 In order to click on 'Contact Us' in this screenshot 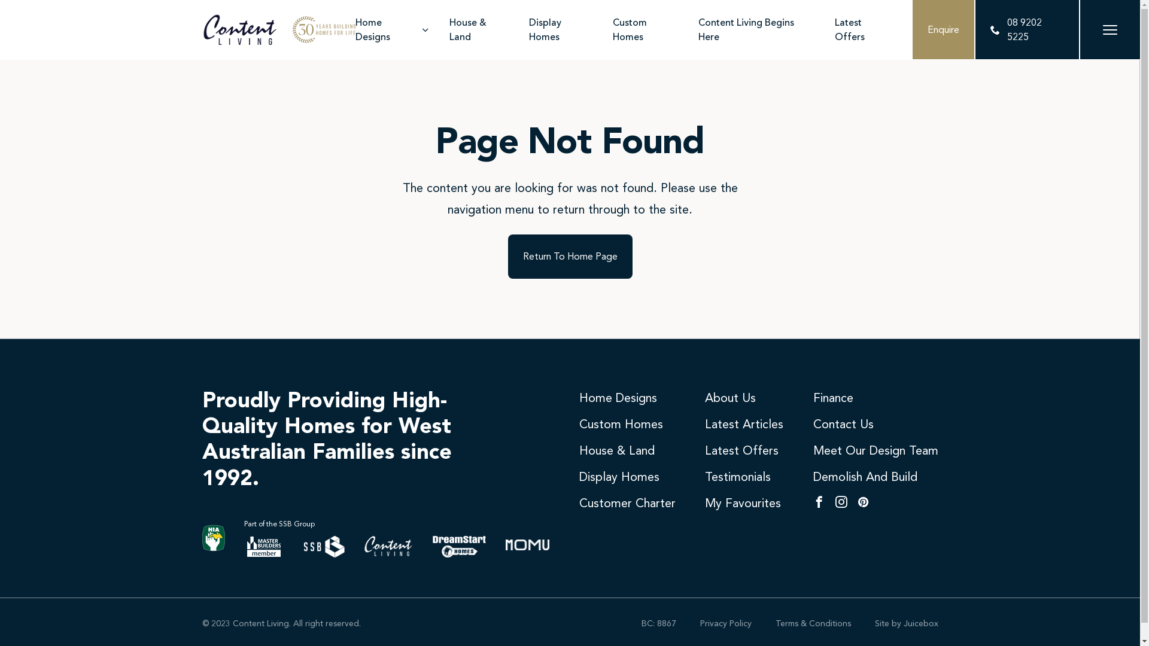, I will do `click(813, 423)`.